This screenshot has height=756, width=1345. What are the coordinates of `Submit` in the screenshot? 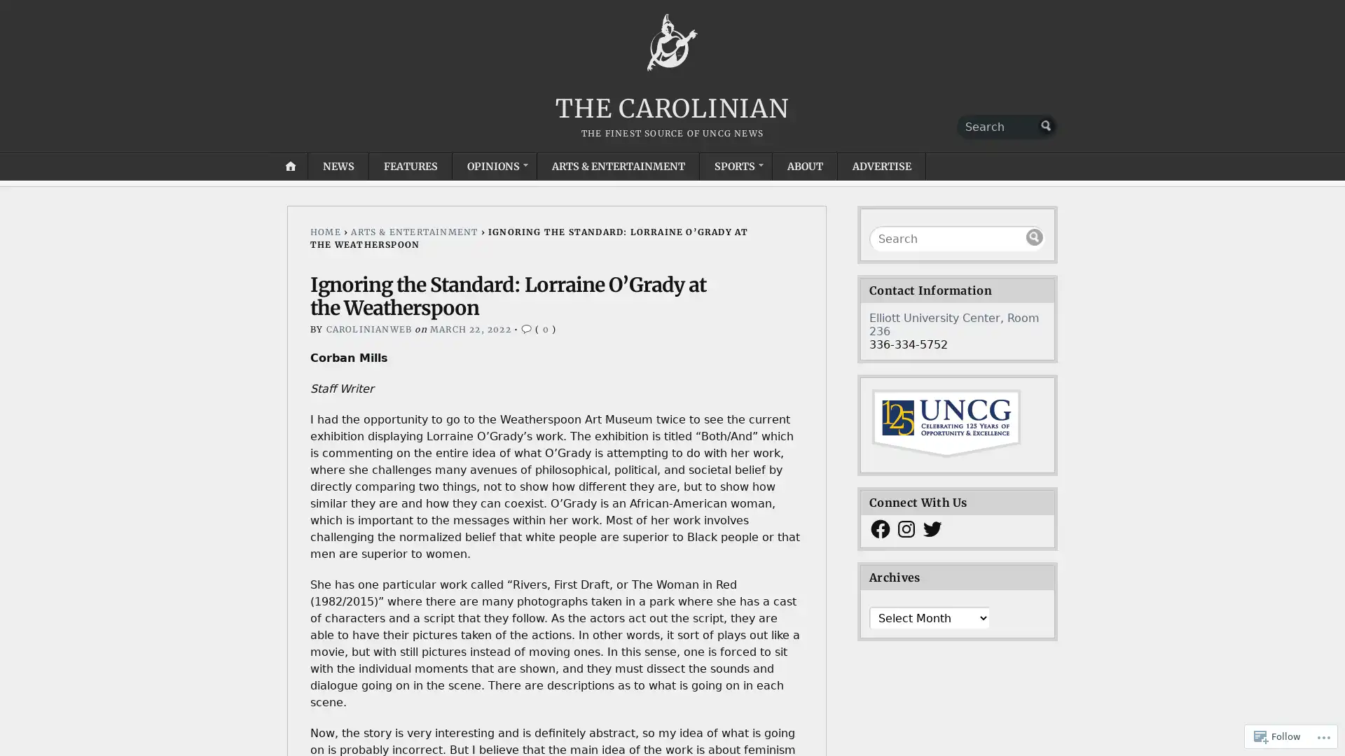 It's located at (1035, 236).